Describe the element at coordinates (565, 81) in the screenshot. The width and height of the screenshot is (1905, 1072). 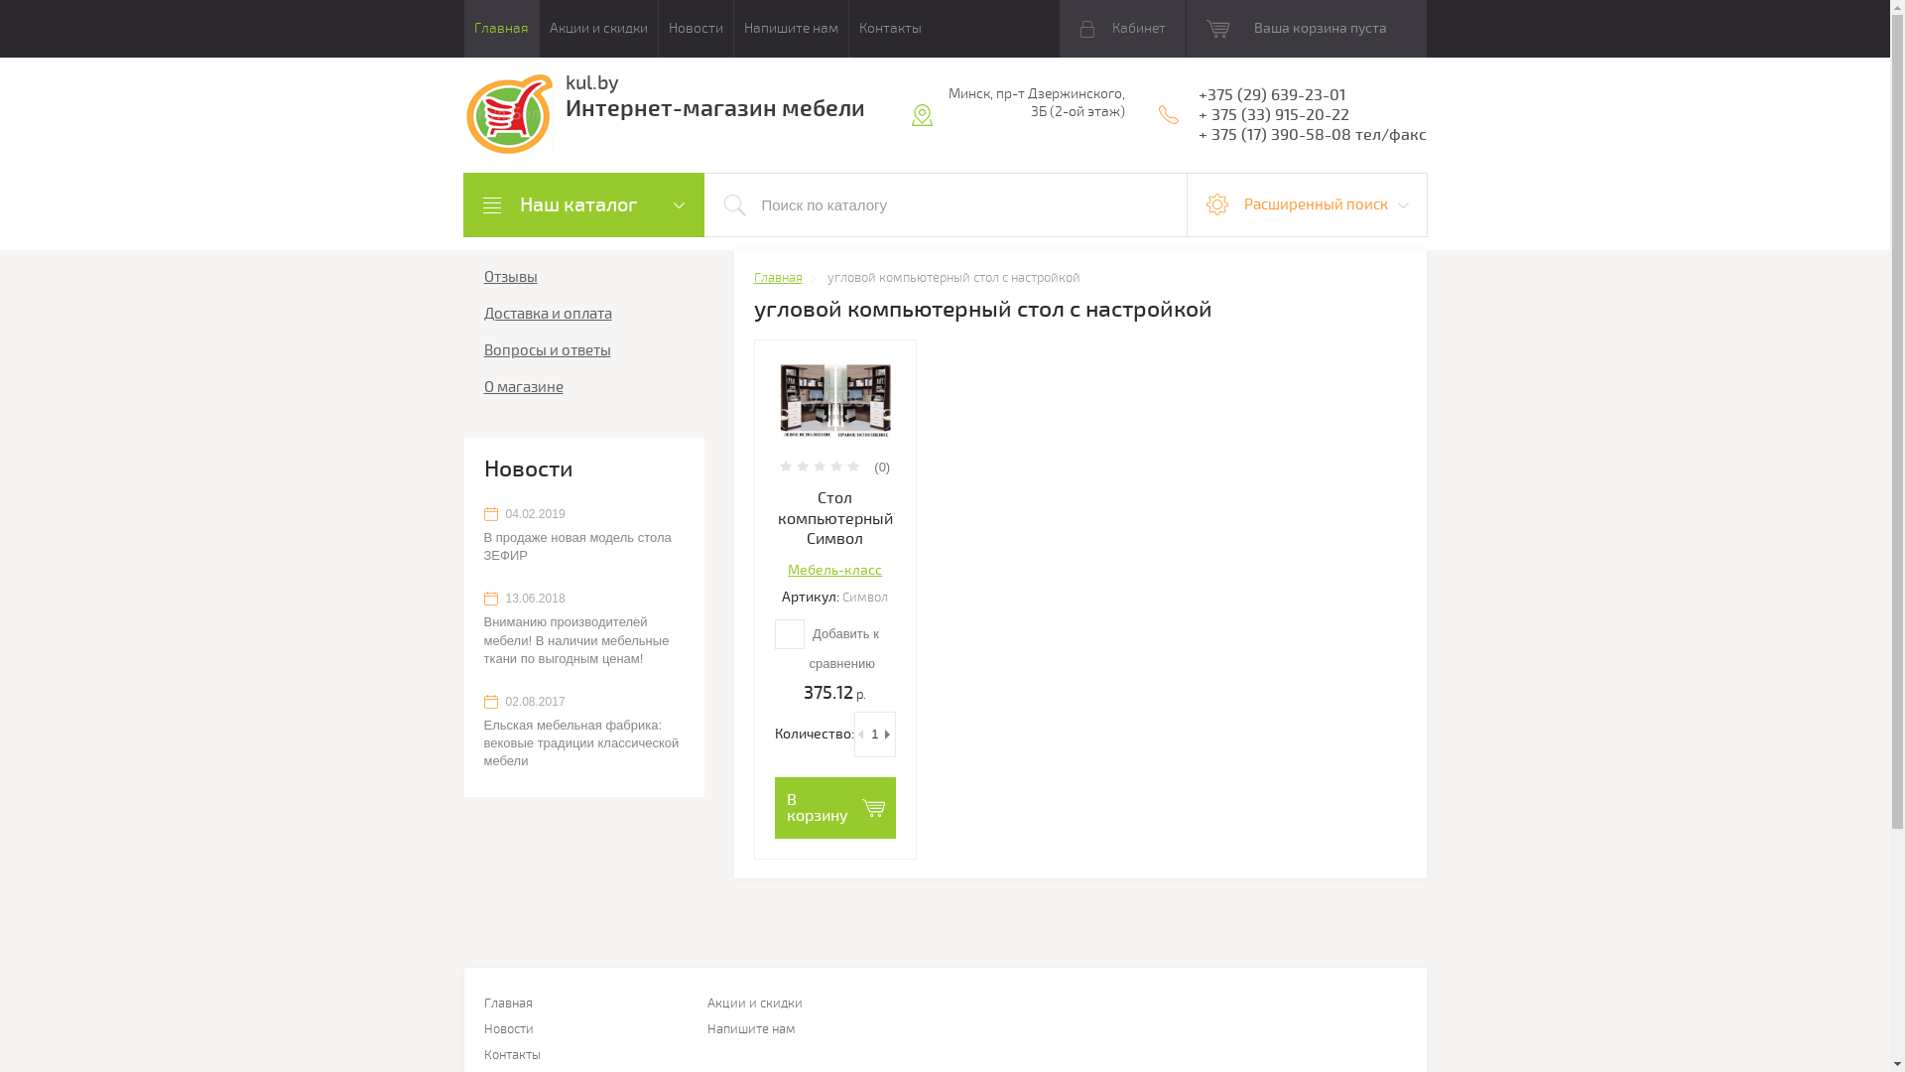
I see `'kul.by'` at that location.